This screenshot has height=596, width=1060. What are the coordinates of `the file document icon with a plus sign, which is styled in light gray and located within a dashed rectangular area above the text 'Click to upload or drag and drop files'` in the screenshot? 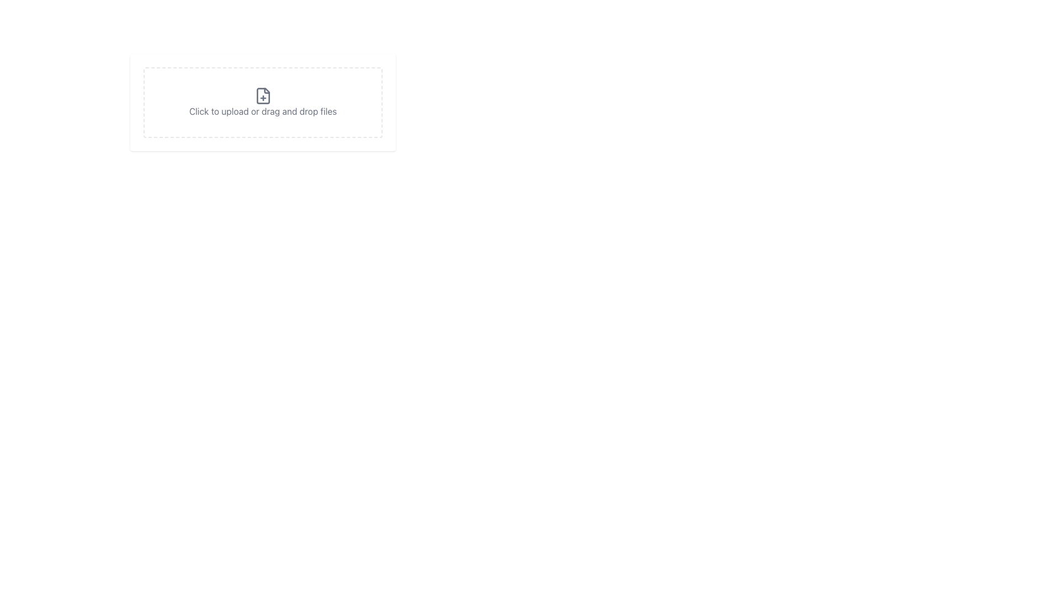 It's located at (262, 95).